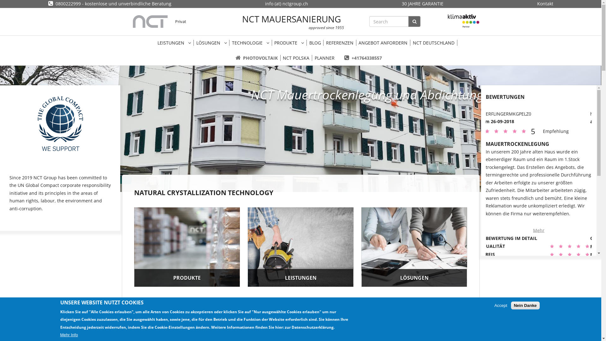 The height and width of the screenshot is (341, 606). Describe the element at coordinates (324, 58) in the screenshot. I see `'PLANNER'` at that location.